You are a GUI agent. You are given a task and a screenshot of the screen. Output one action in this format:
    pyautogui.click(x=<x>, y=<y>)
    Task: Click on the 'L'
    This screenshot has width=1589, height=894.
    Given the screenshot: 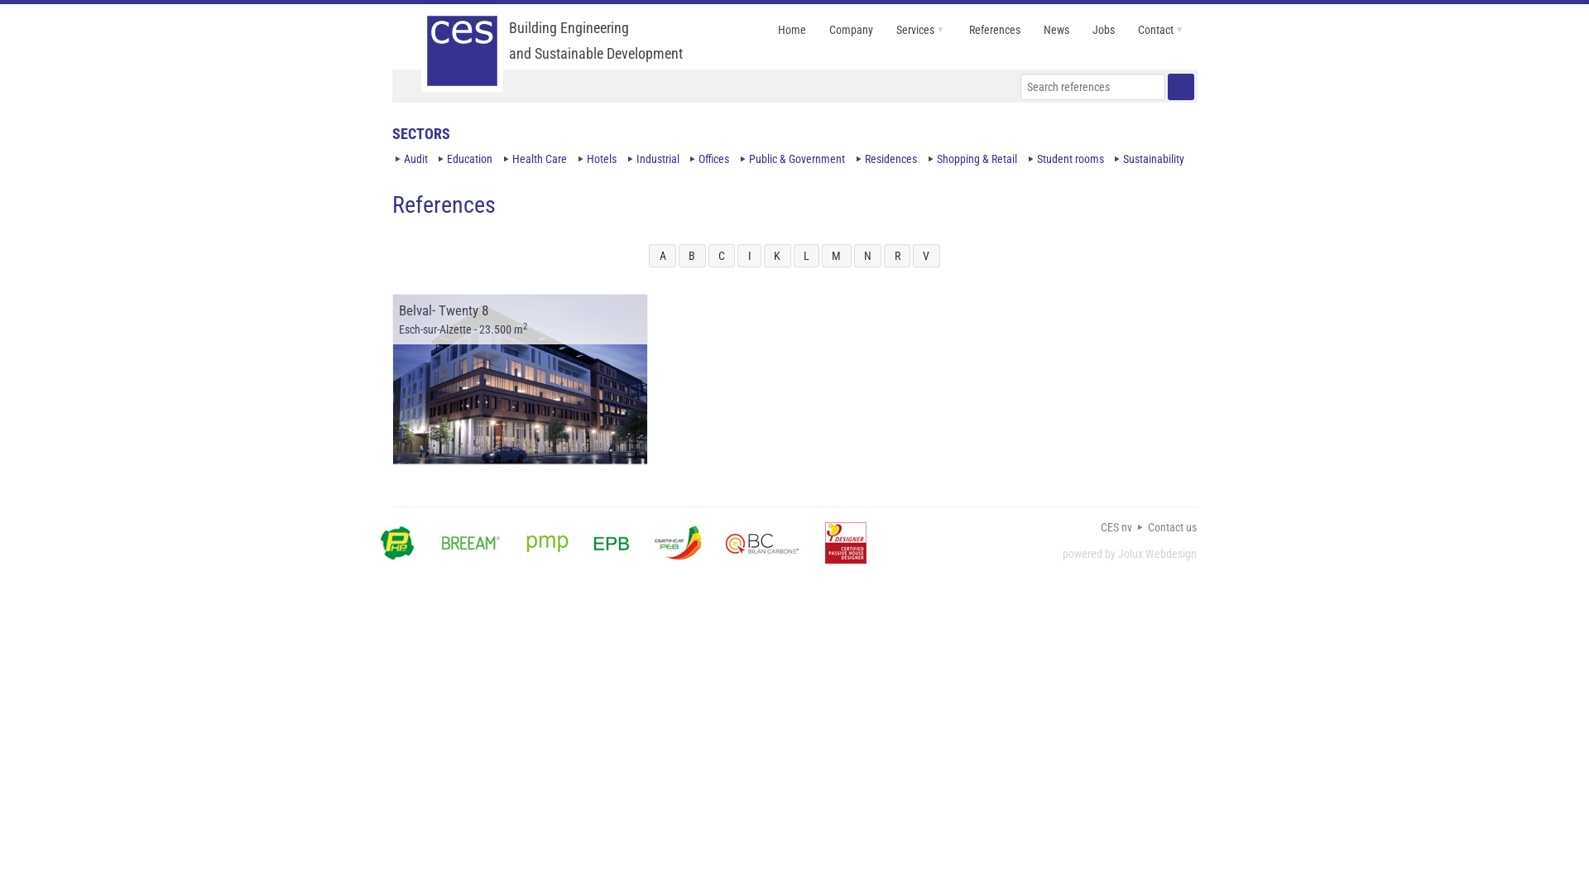 What is the action you would take?
    pyautogui.click(x=806, y=256)
    